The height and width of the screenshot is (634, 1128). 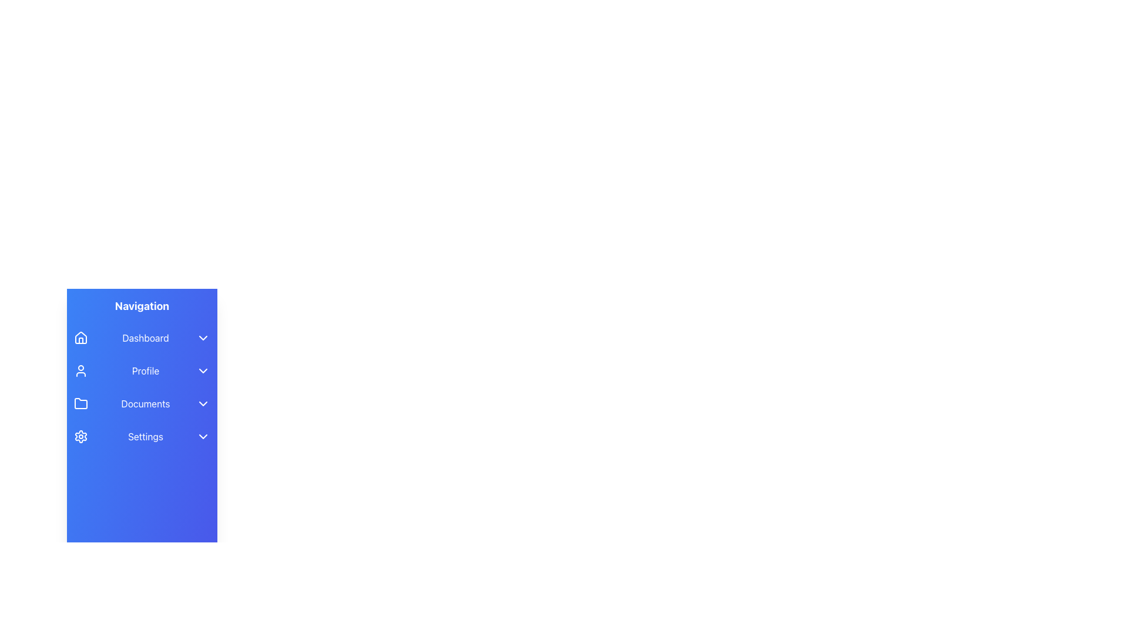 What do you see at coordinates (203, 437) in the screenshot?
I see `the downward chevron icon next to the 'Settings' text` at bounding box center [203, 437].